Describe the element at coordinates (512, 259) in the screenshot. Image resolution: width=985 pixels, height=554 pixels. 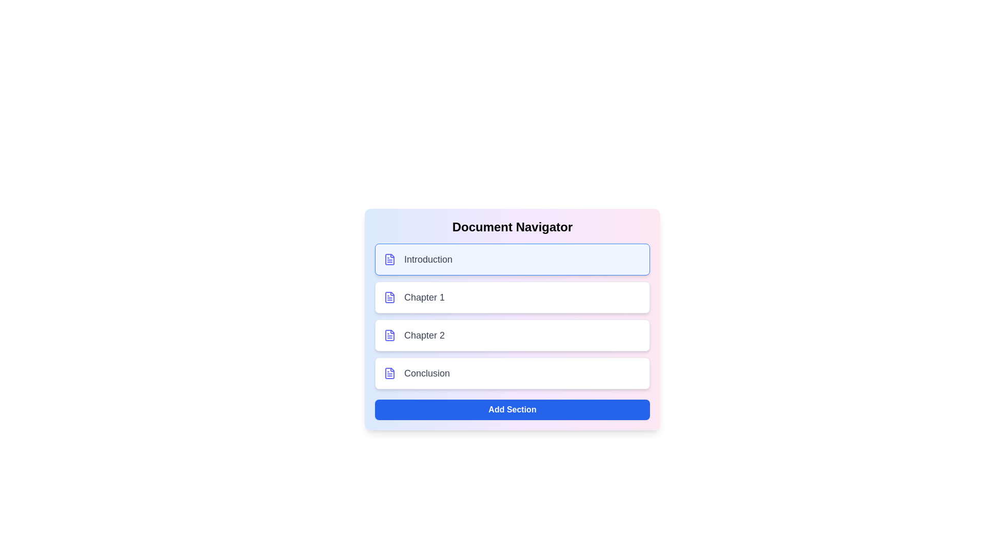
I see `the section title to select its text` at that location.